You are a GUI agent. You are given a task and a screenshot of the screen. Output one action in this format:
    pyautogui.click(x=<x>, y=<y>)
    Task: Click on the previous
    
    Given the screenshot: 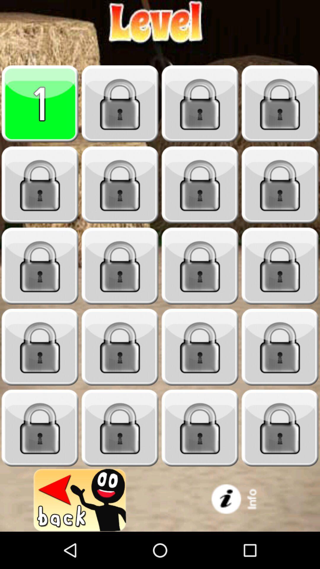 What is the action you would take?
    pyautogui.click(x=80, y=500)
    